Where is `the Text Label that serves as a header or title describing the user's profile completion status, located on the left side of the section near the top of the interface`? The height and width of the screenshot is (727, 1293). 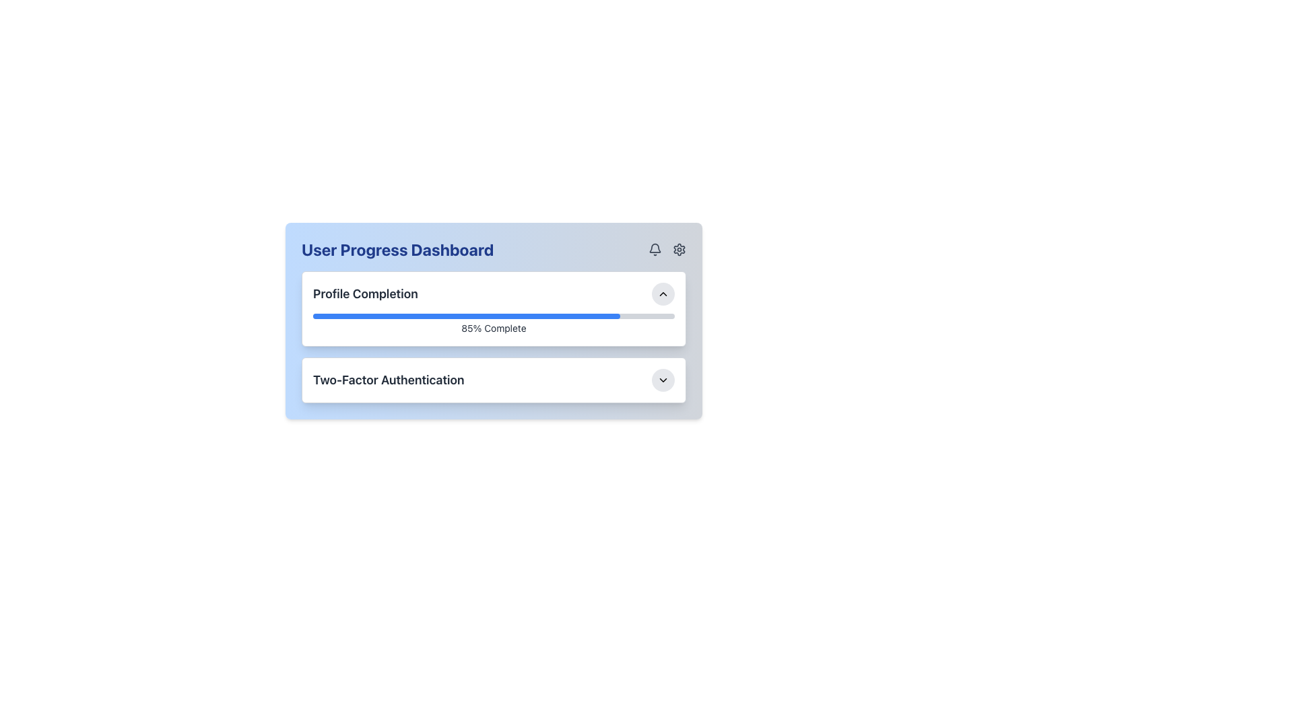
the Text Label that serves as a header or title describing the user's profile completion status, located on the left side of the section near the top of the interface is located at coordinates (365, 293).